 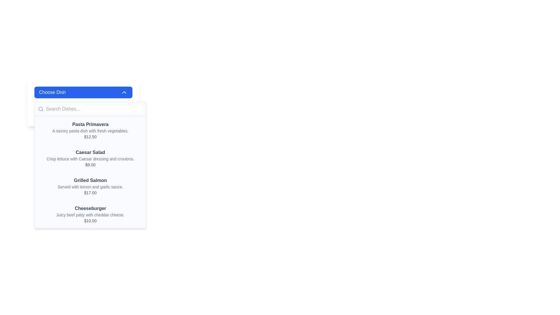 What do you see at coordinates (124, 92) in the screenshot?
I see `the chevron-up icon located at the far right end of the blue rectangular area labeled 'Choose Dish'` at bounding box center [124, 92].